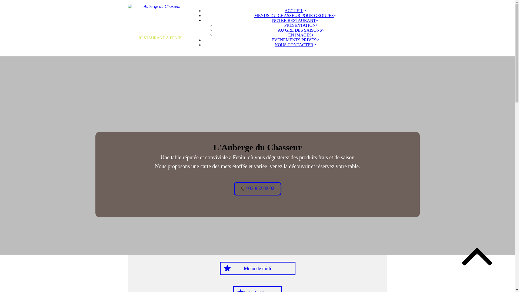 The height and width of the screenshot is (292, 519). What do you see at coordinates (300, 35) in the screenshot?
I see `'EN IMAGES'` at bounding box center [300, 35].